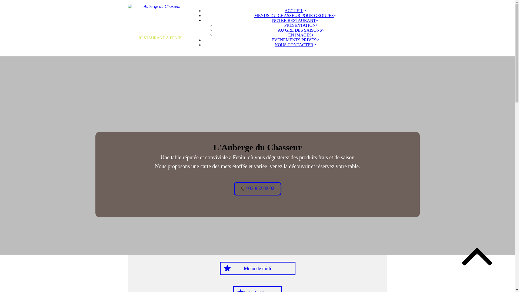 The height and width of the screenshot is (292, 519). What do you see at coordinates (300, 35) in the screenshot?
I see `'EN IMAGES'` at bounding box center [300, 35].